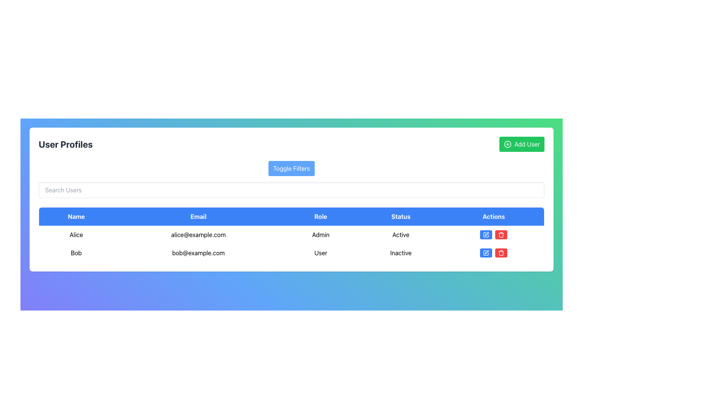 The image size is (728, 409). What do you see at coordinates (486, 234) in the screenshot?
I see `the pen-shaped icon within the blue button located in the 'Actions' column of Bob's table row to potentially see a tooltip` at bounding box center [486, 234].